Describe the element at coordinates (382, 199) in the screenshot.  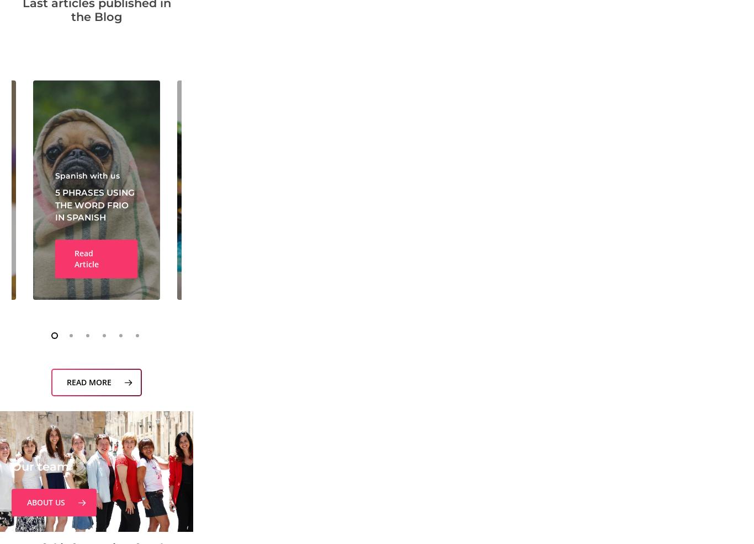
I see `'The best guide to learn more on the DELE Examinations'` at that location.